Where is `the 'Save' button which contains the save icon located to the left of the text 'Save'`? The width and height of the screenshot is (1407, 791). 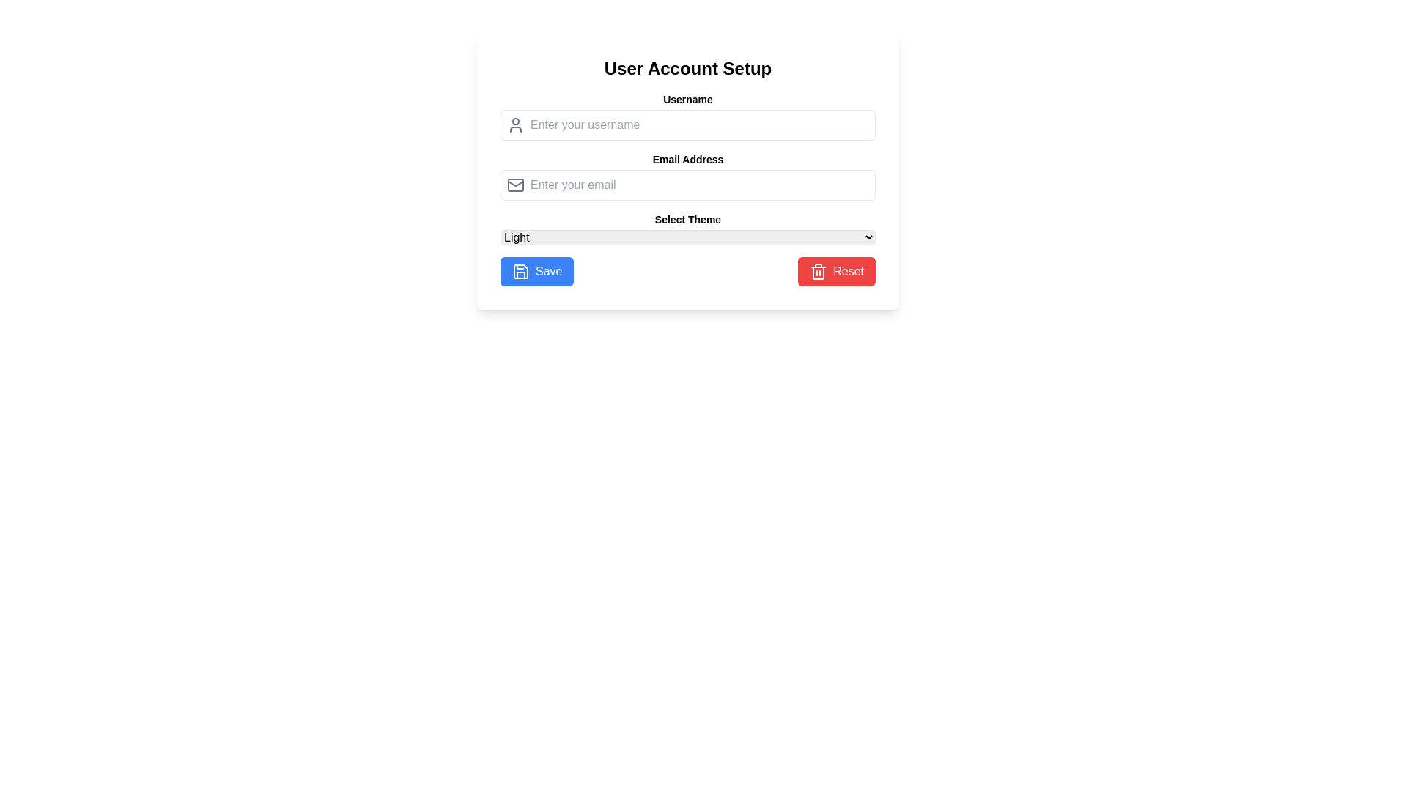
the 'Save' button which contains the save icon located to the left of the text 'Save' is located at coordinates (520, 271).